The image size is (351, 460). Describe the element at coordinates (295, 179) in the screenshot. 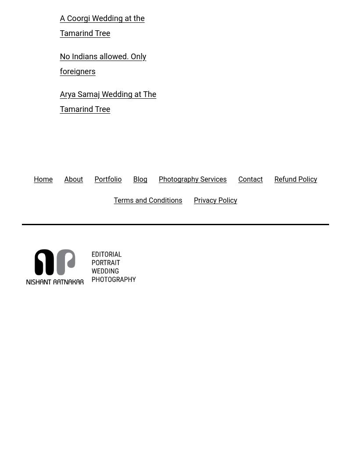

I see `'Refund Policy'` at that location.